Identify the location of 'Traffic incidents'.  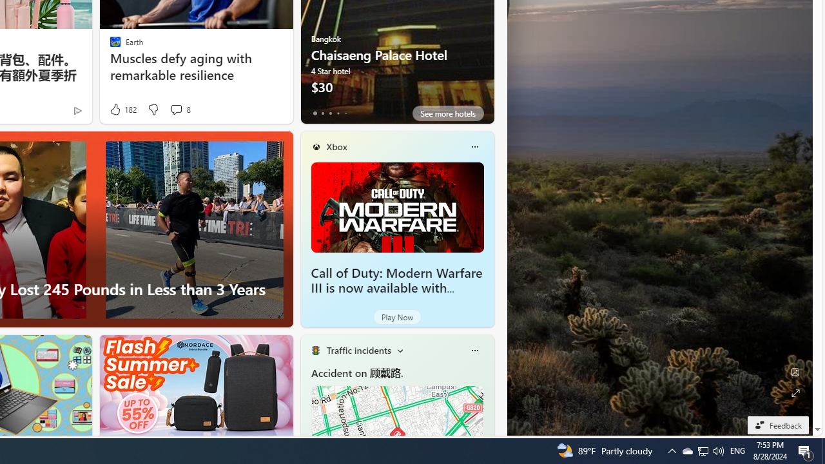
(358, 350).